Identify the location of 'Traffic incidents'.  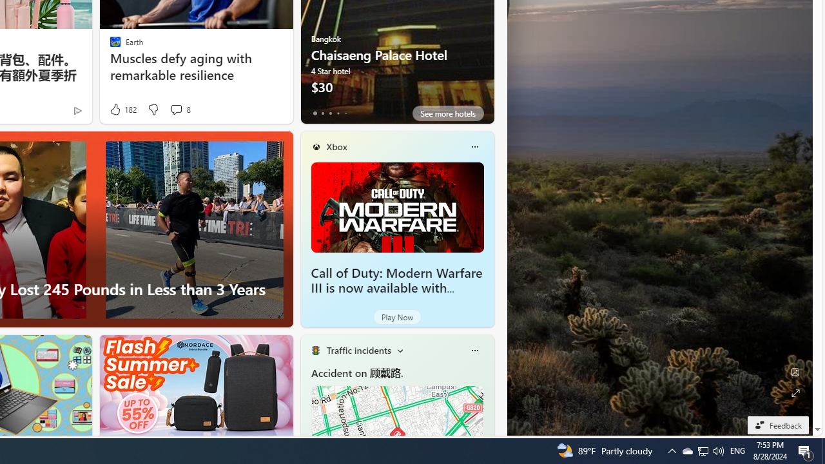
(358, 350).